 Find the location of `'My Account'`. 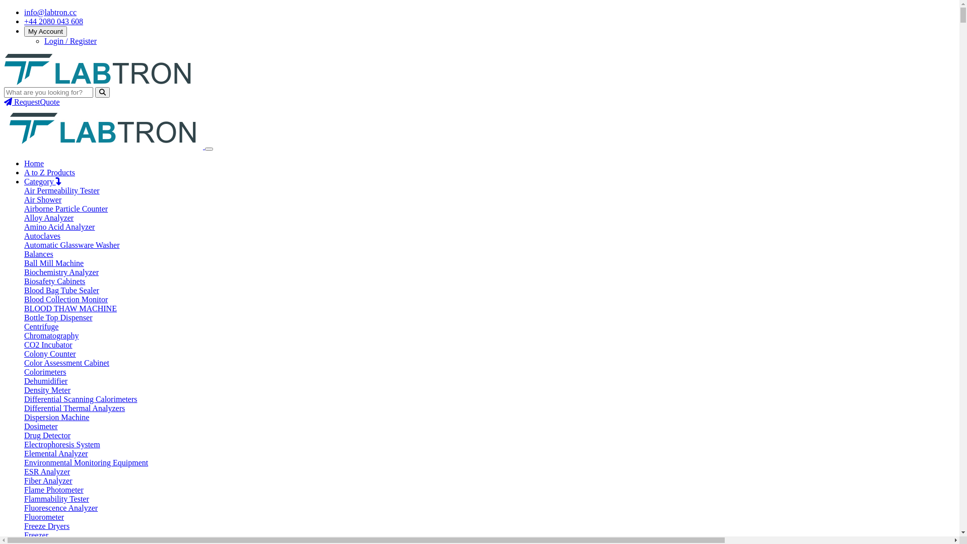

'My Account' is located at coordinates (24, 31).